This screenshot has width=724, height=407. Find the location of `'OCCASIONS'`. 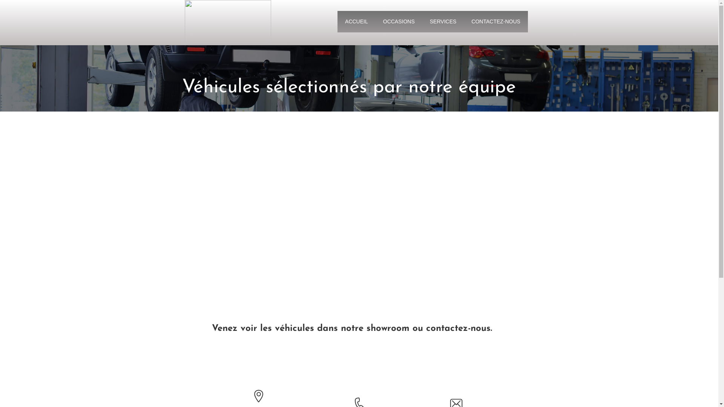

'OCCASIONS' is located at coordinates (376, 21).